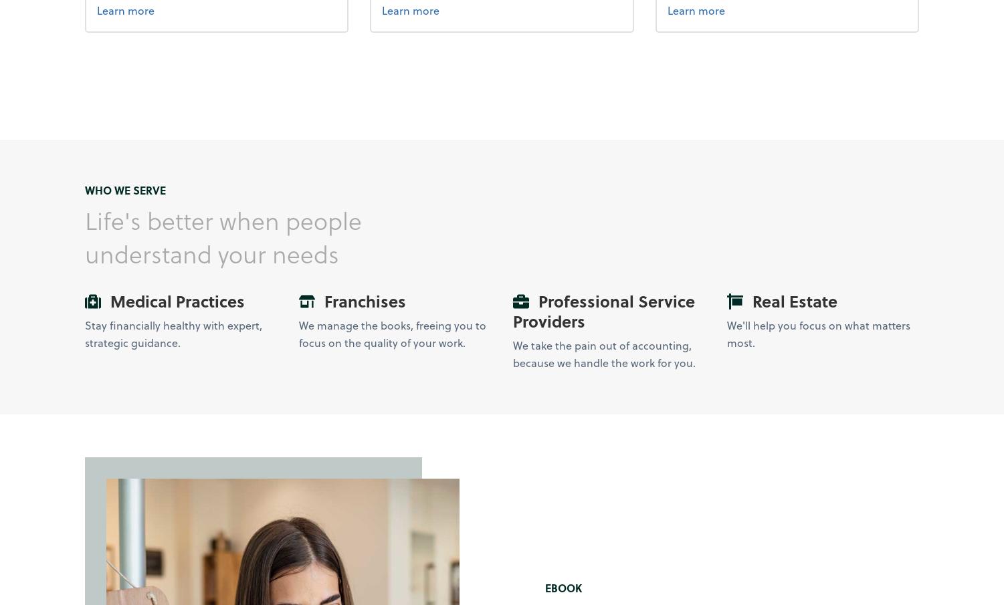 Image resolution: width=1004 pixels, height=605 pixels. I want to click on 'WHO WE SERVE', so click(124, 190).